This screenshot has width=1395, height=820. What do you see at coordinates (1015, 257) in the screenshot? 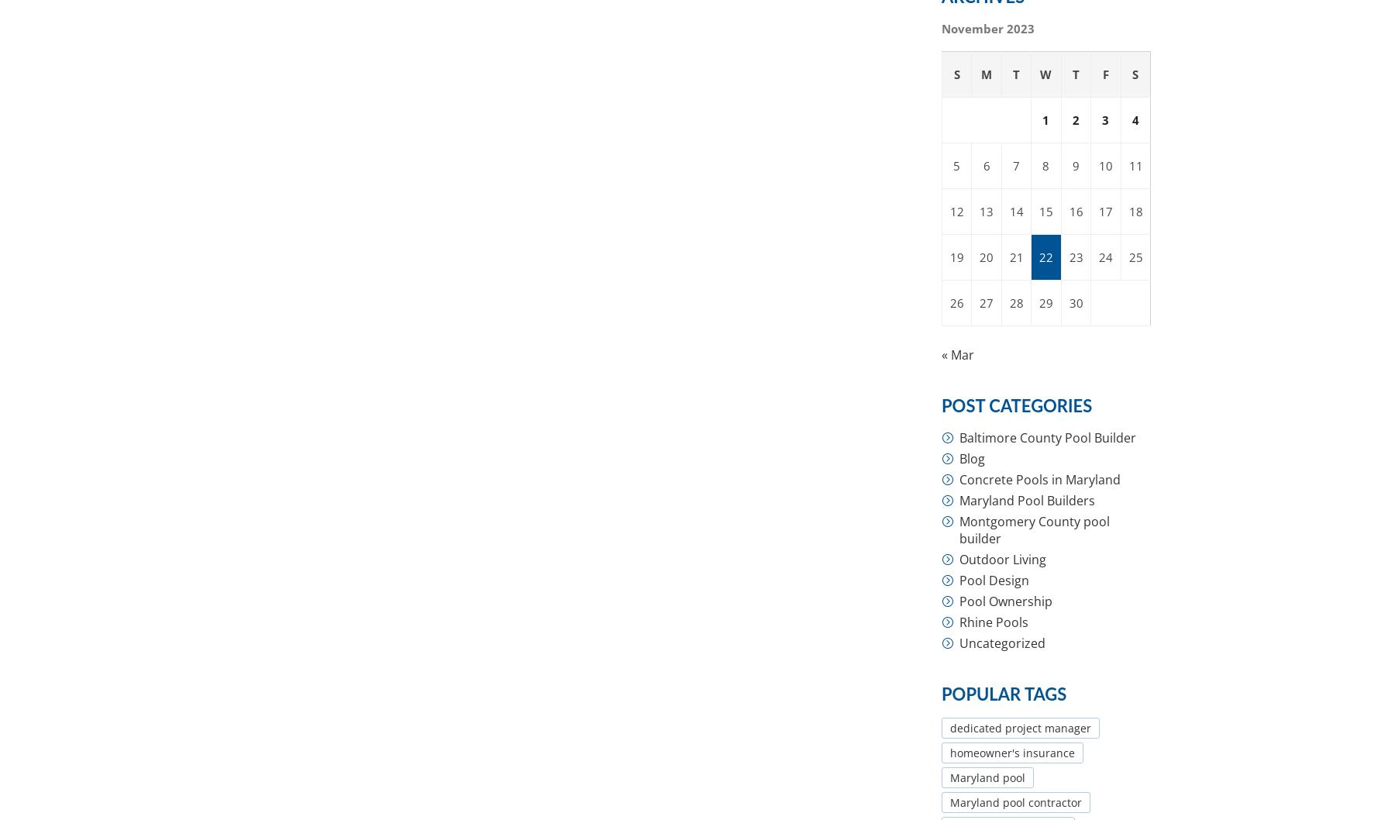
I see `'21'` at bounding box center [1015, 257].